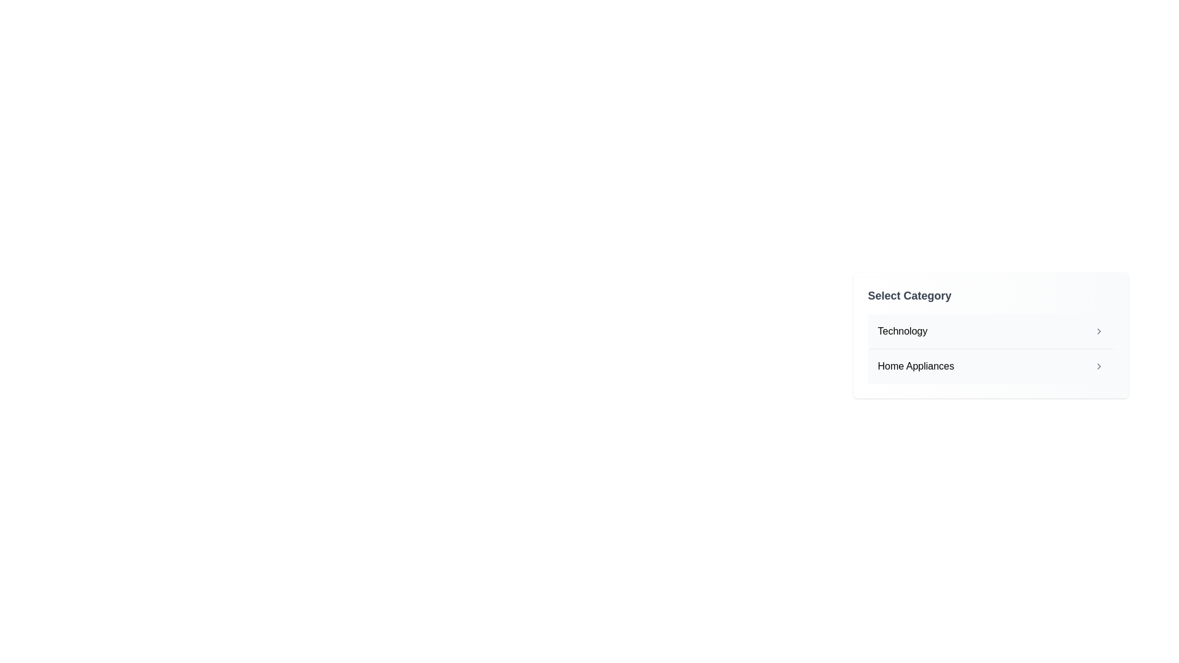  I want to click on the 'Home Appliances' label, which is styled in a simple sans-serif font and is the second option in the menu under 'Select Category', so click(916, 366).